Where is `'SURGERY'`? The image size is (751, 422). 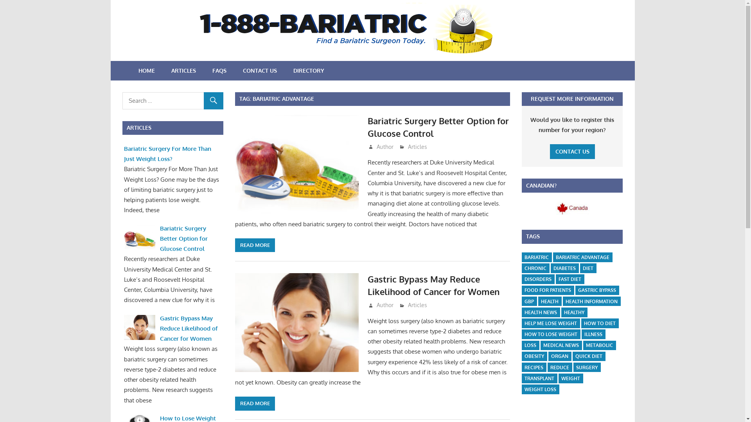 'SURGERY' is located at coordinates (587, 367).